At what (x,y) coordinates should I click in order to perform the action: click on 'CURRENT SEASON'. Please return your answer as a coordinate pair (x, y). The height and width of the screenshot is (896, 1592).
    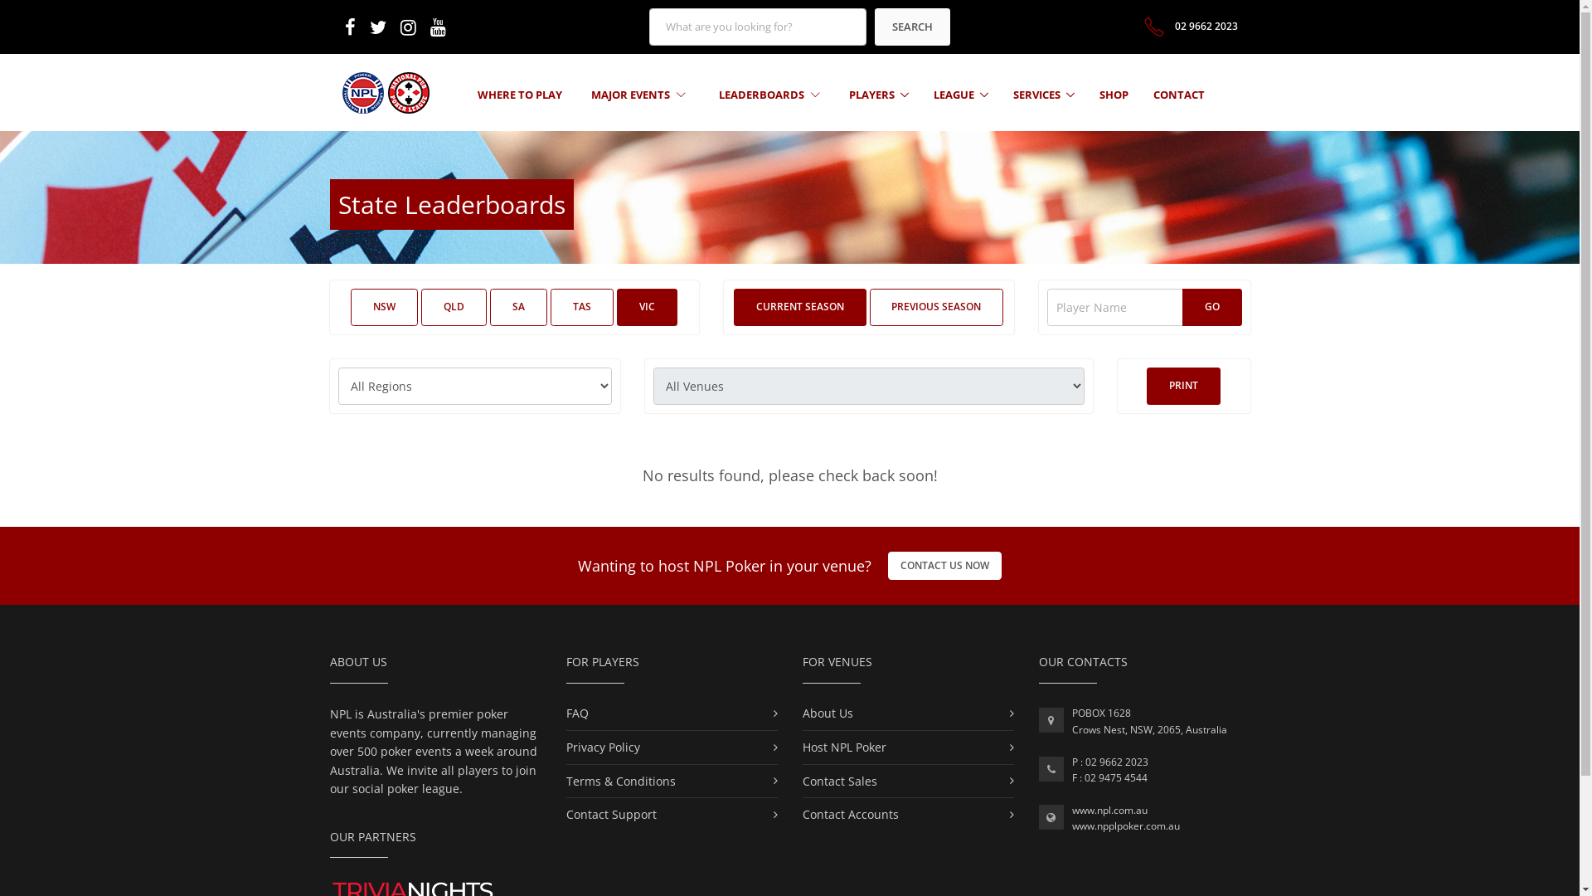
    Looking at the image, I should click on (799, 307).